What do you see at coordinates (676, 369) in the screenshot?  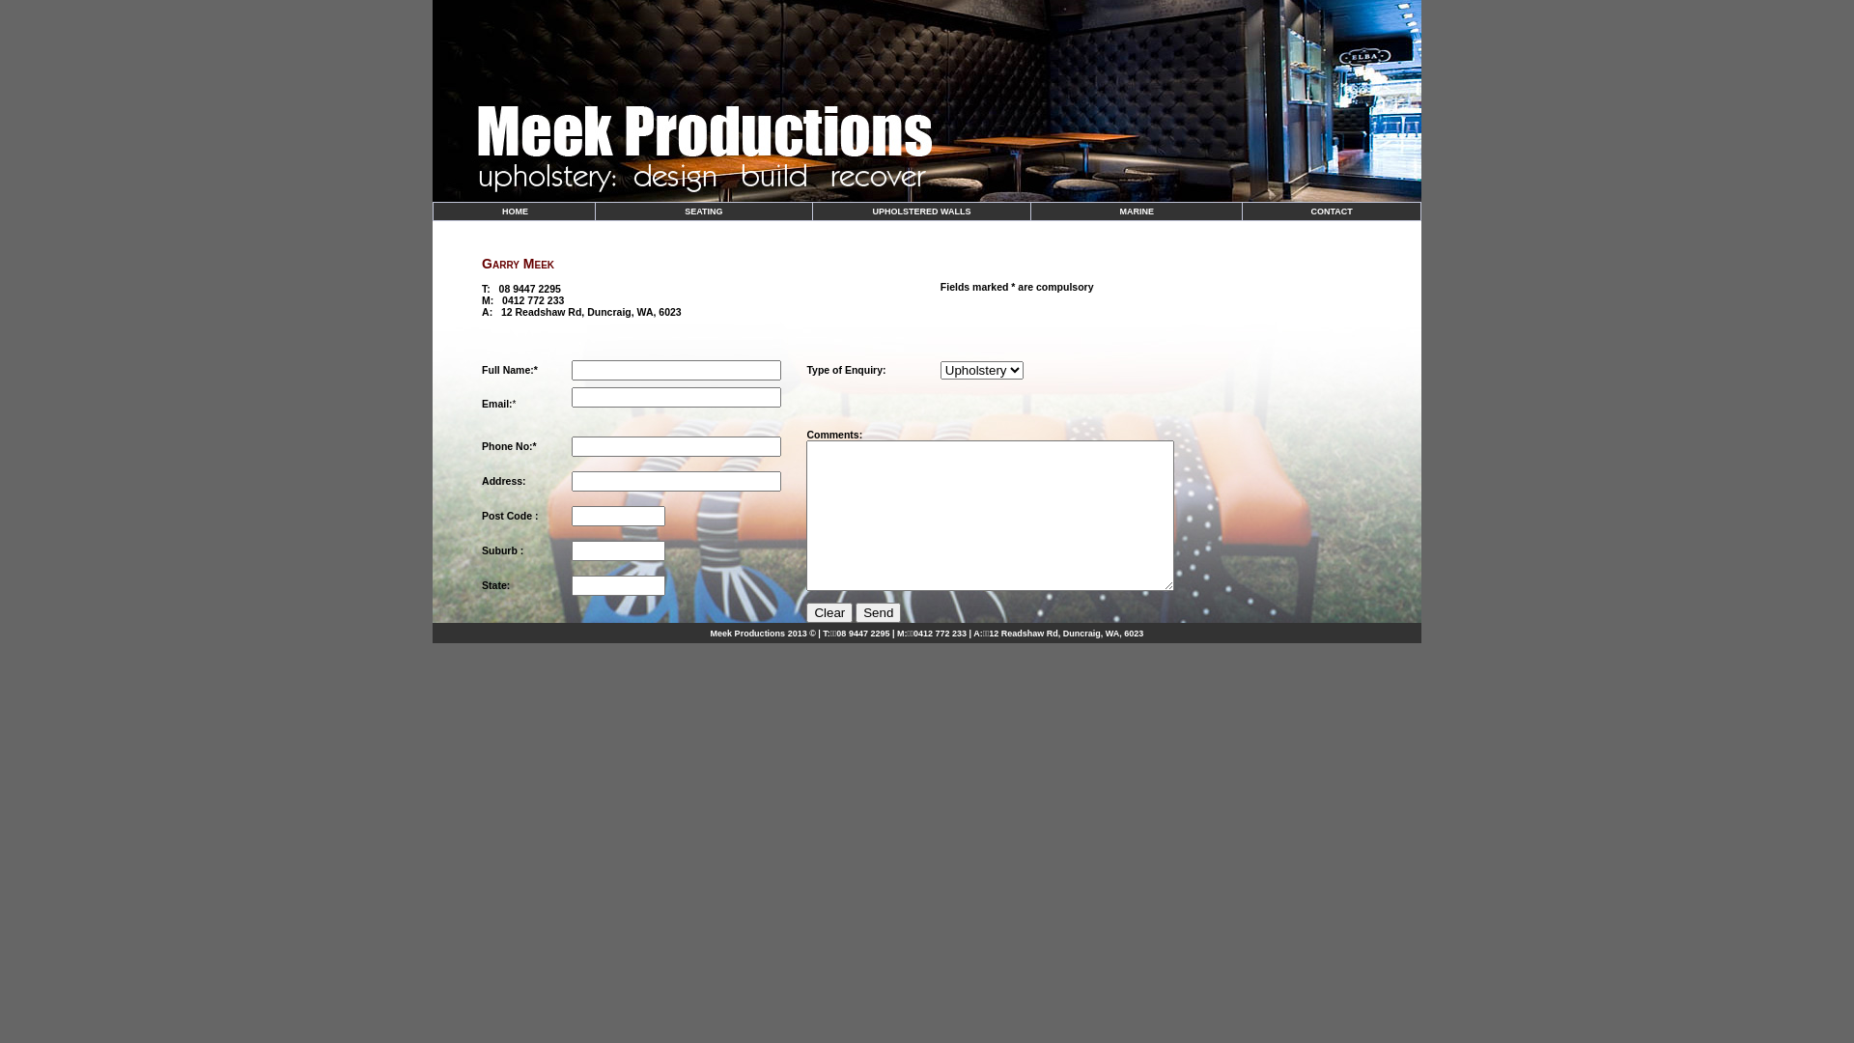 I see `'Enter your name'` at bounding box center [676, 369].